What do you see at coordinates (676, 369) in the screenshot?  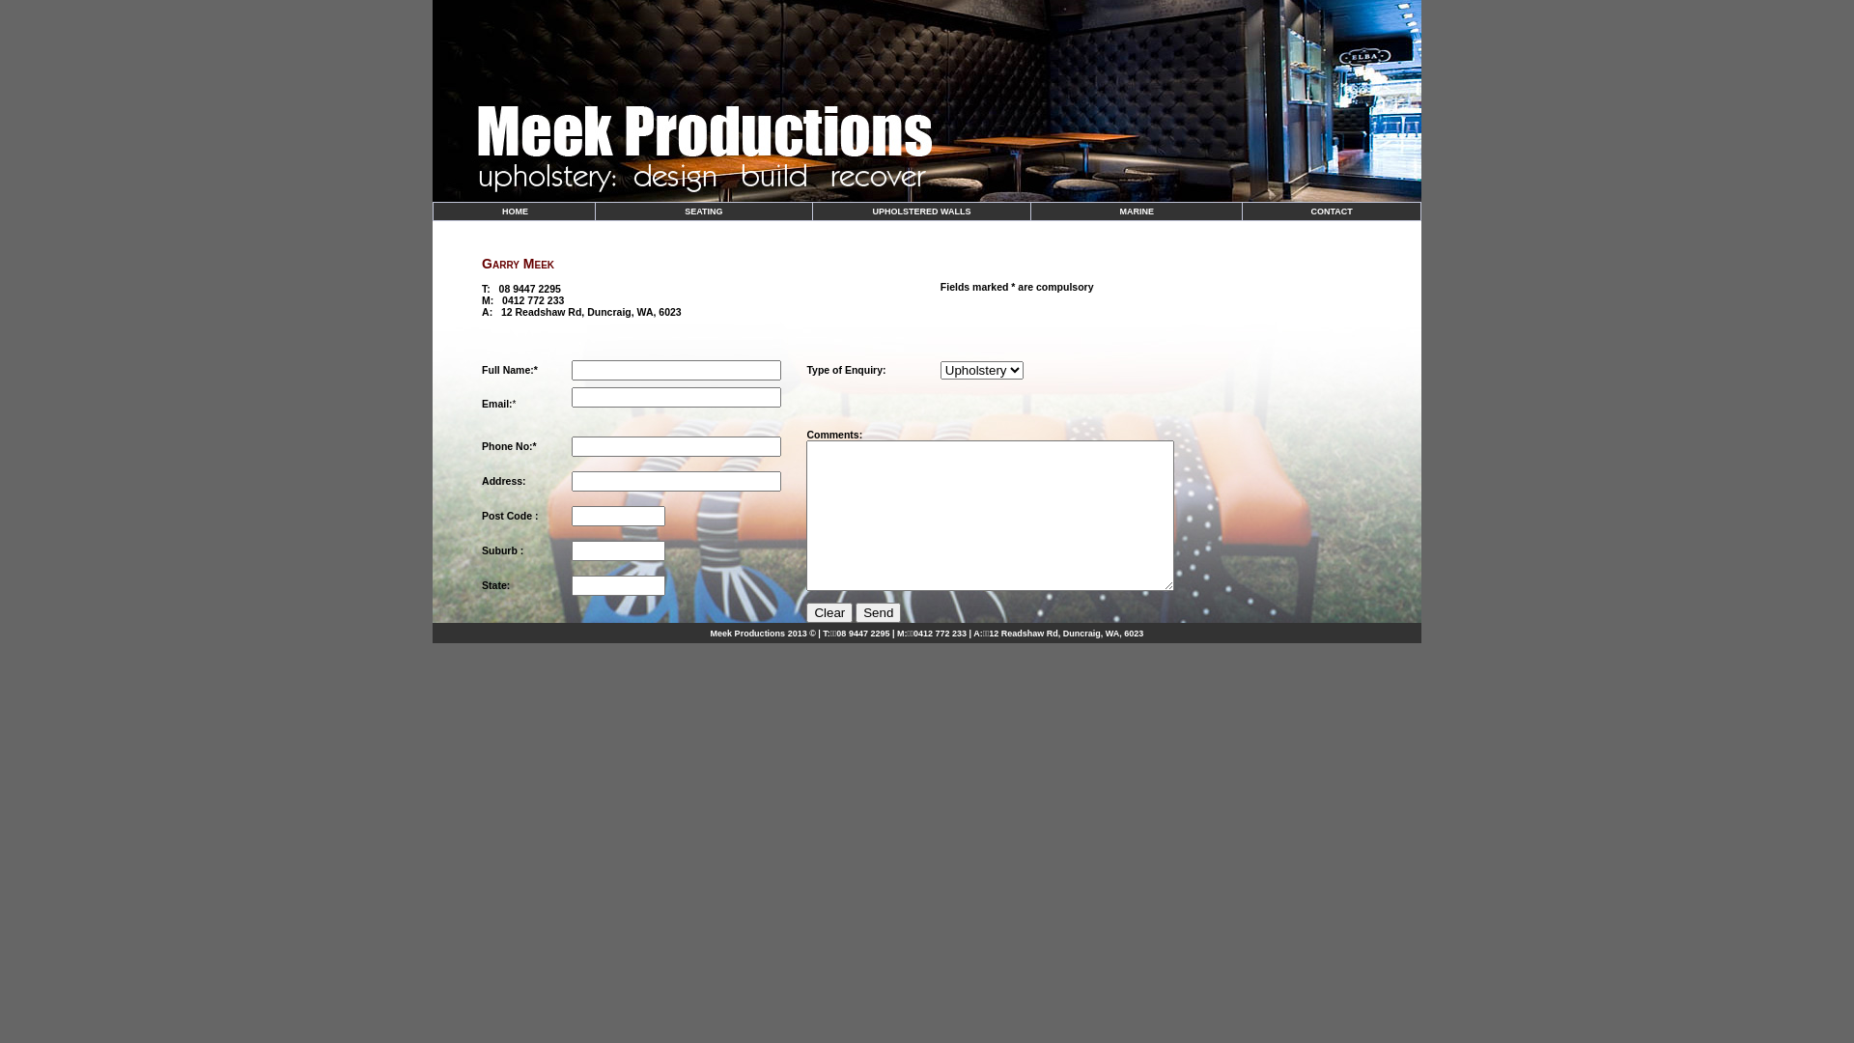 I see `'Enter your name'` at bounding box center [676, 369].